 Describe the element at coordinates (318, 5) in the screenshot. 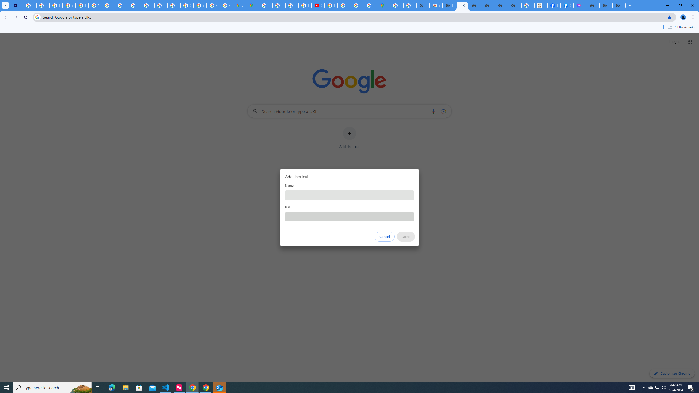

I see `'Subscriptions - YouTube'` at that location.